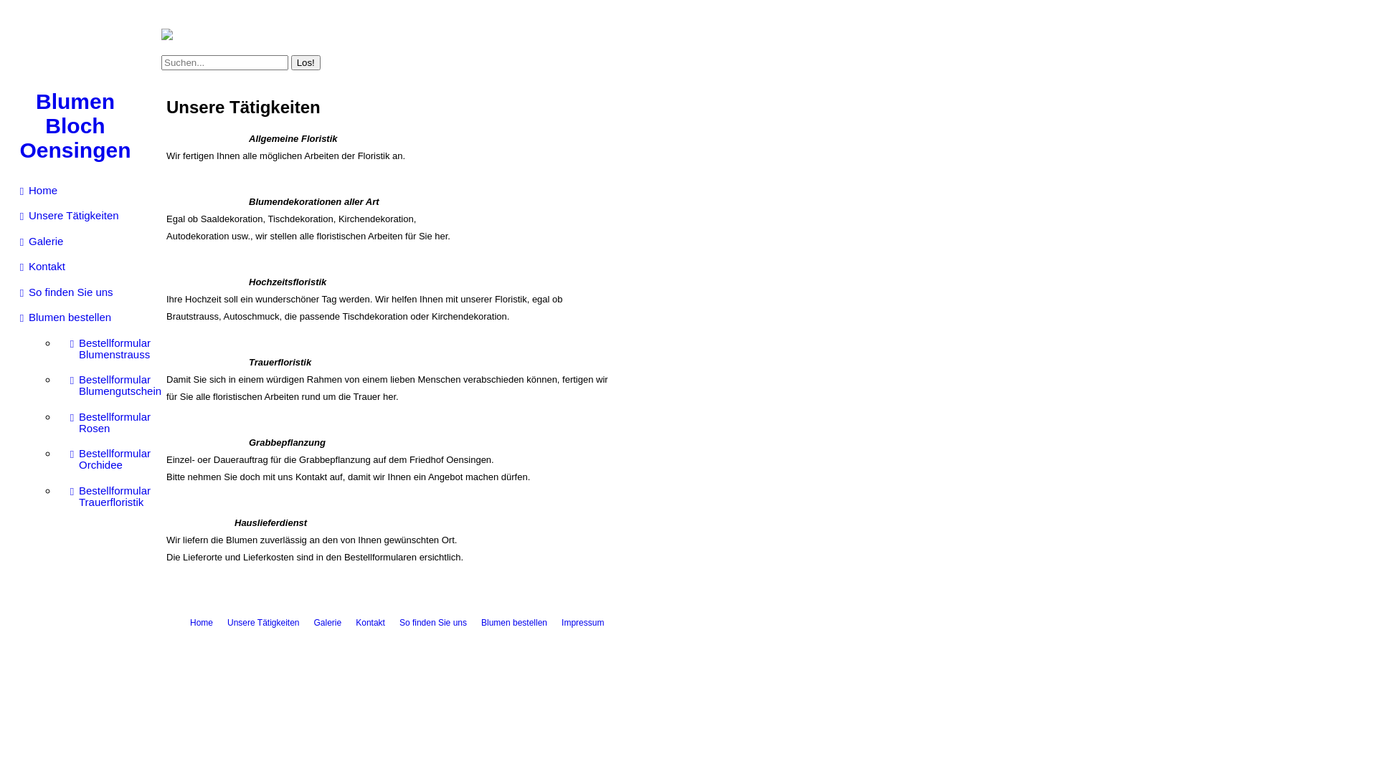 This screenshot has height=774, width=1377. I want to click on 'Bestellformular Blumengutschein', so click(106, 384).